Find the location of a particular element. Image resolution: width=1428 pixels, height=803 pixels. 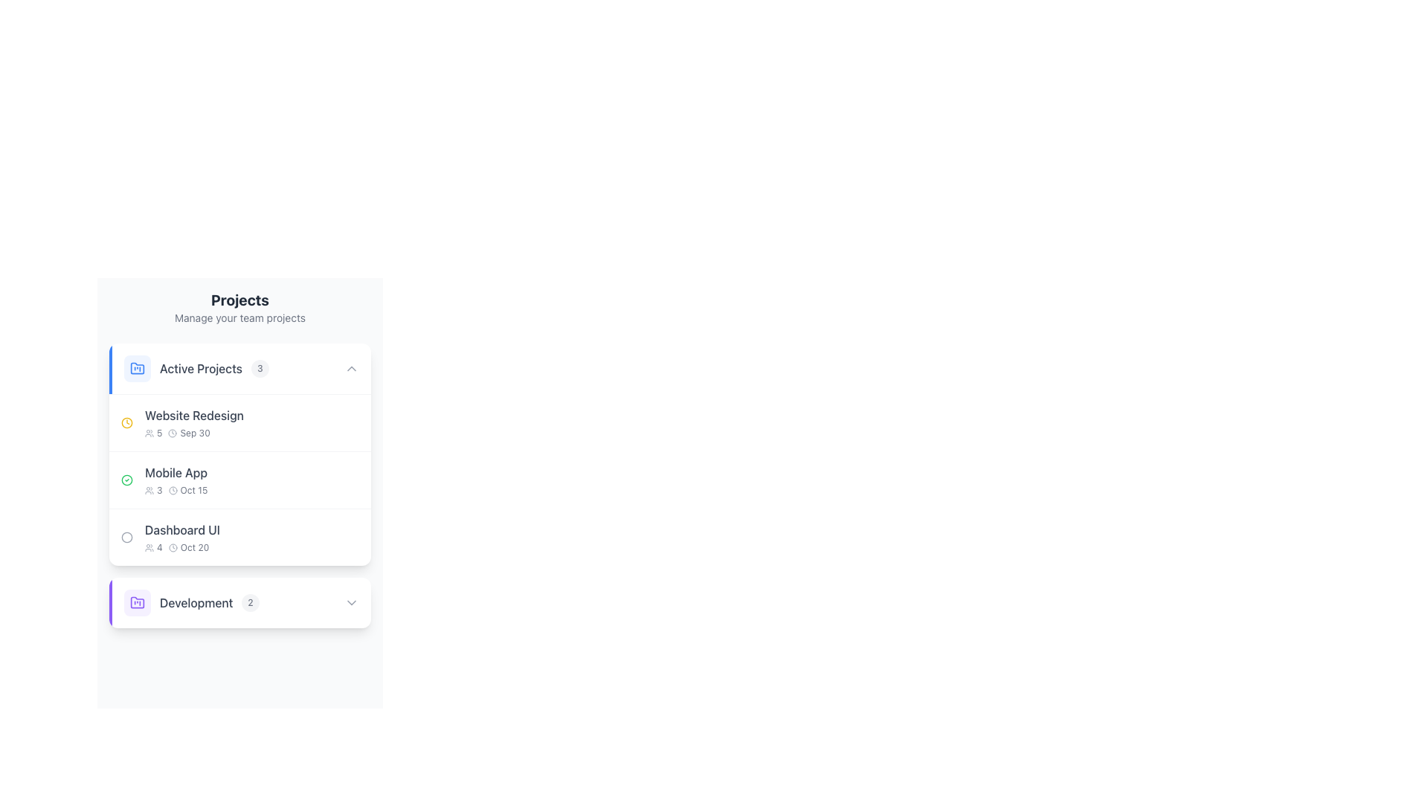

the toggle icon located at the far right of the 'Active Projects' section is located at coordinates (351, 368).